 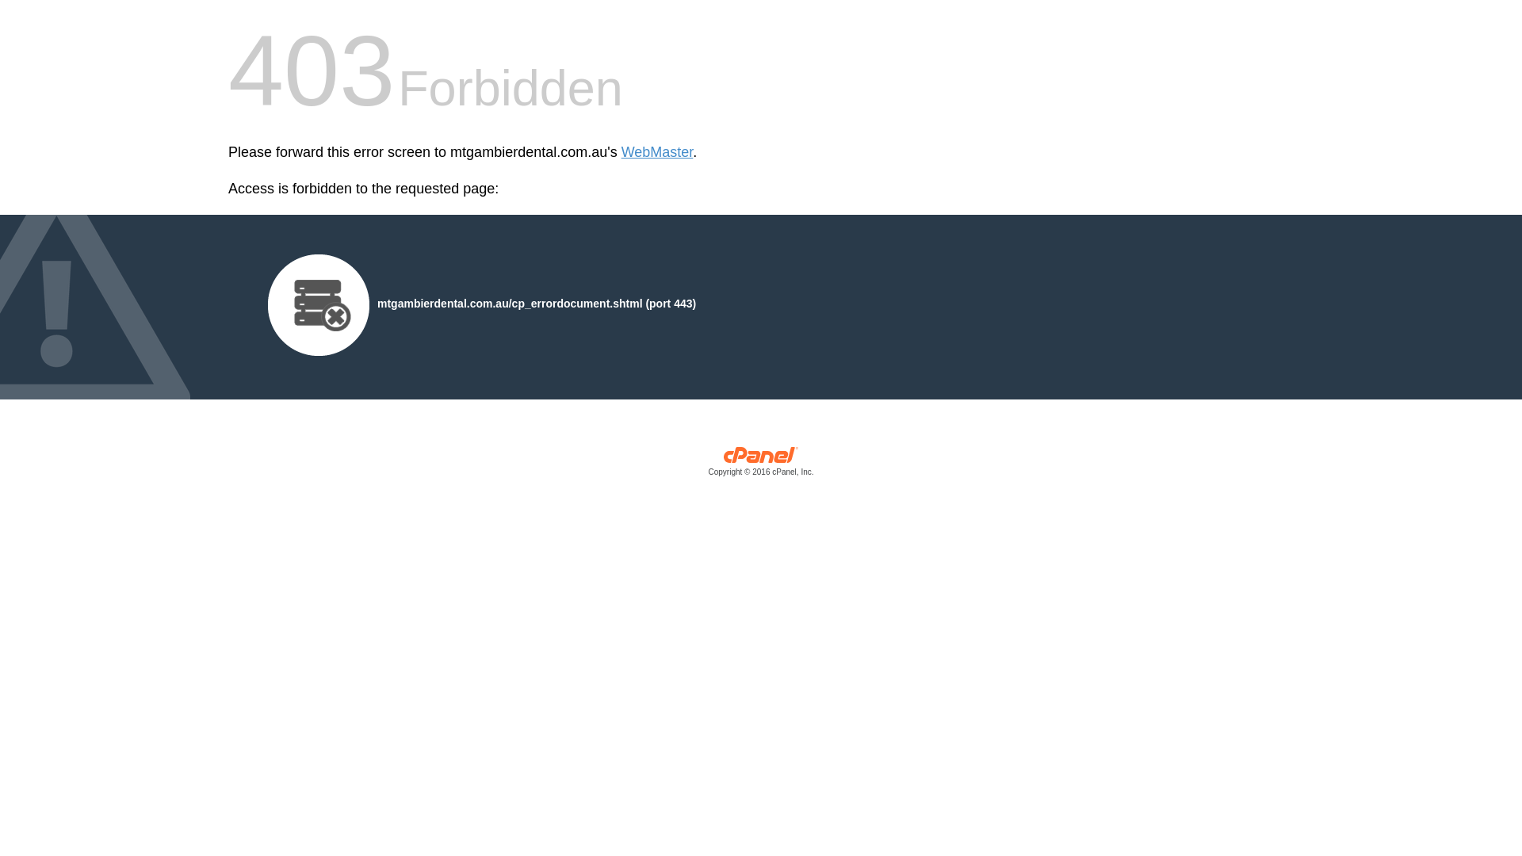 I want to click on 'WebMaster', so click(x=657, y=152).